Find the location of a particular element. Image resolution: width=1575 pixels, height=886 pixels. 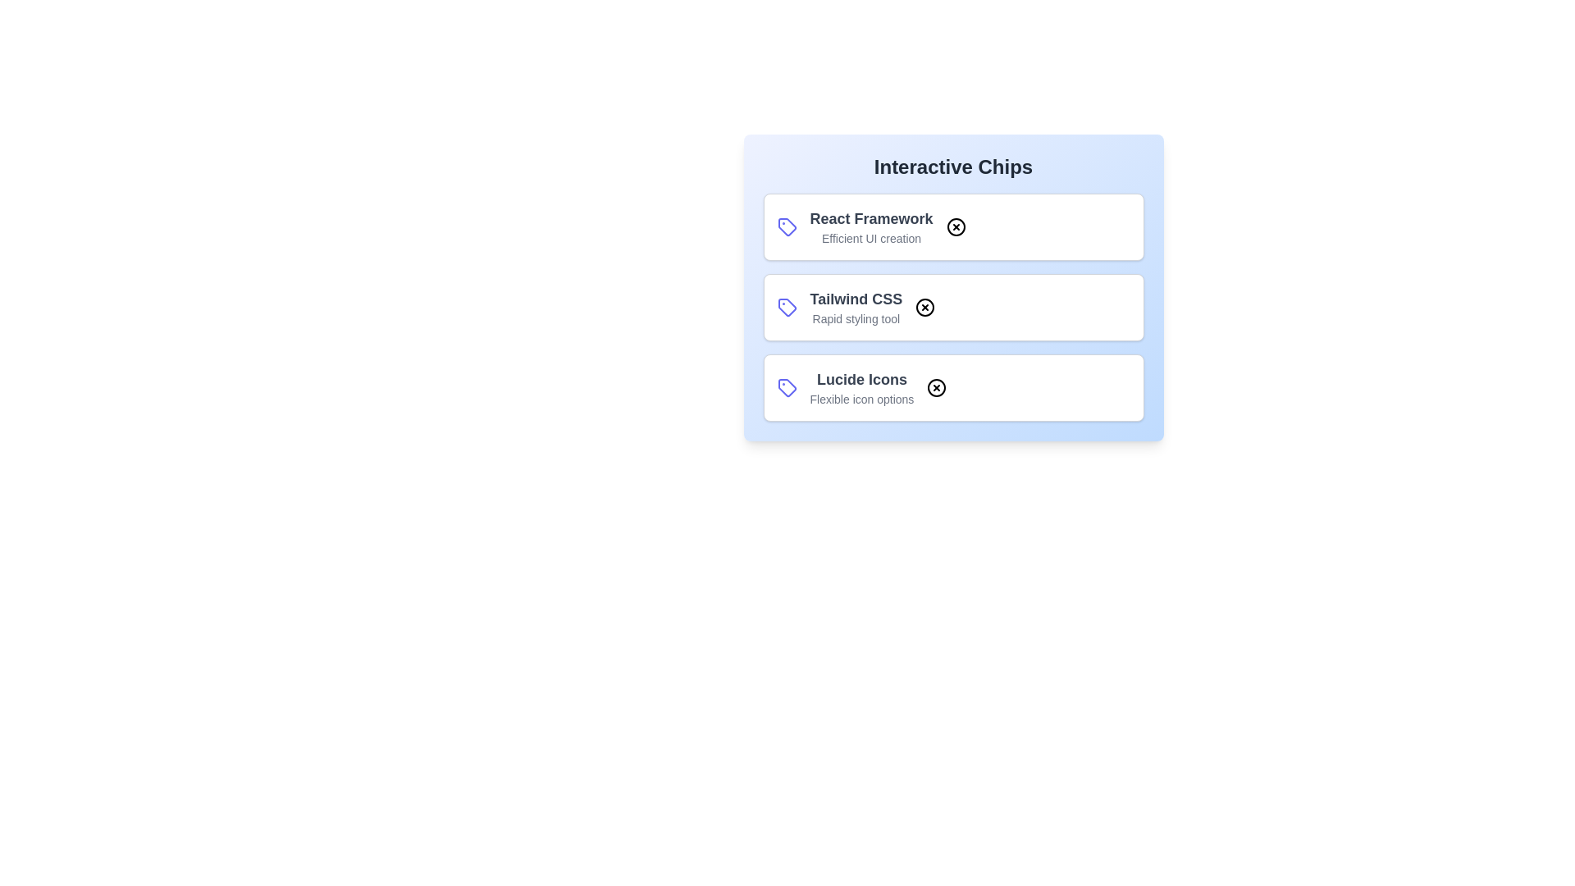

close button on the chip labeled Tailwind CSS is located at coordinates (925, 307).